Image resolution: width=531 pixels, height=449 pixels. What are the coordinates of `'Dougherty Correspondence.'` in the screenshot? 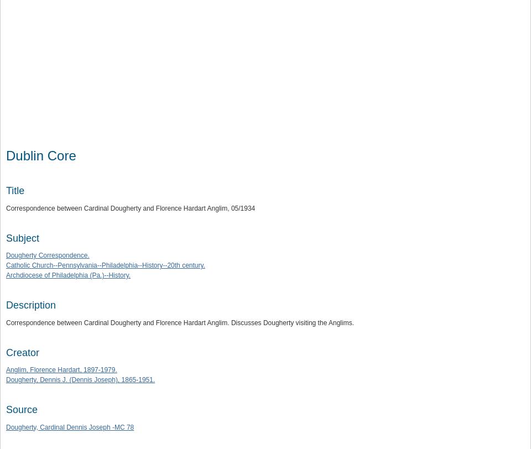 It's located at (48, 255).